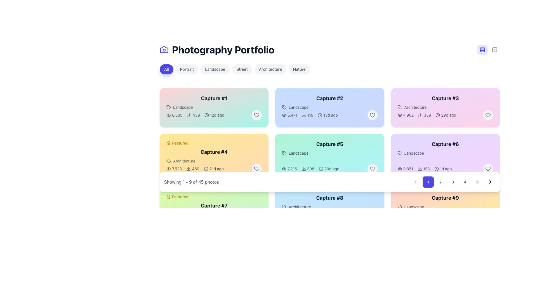  I want to click on the blue circular button with a white number '1' centered within it, so click(428, 182).